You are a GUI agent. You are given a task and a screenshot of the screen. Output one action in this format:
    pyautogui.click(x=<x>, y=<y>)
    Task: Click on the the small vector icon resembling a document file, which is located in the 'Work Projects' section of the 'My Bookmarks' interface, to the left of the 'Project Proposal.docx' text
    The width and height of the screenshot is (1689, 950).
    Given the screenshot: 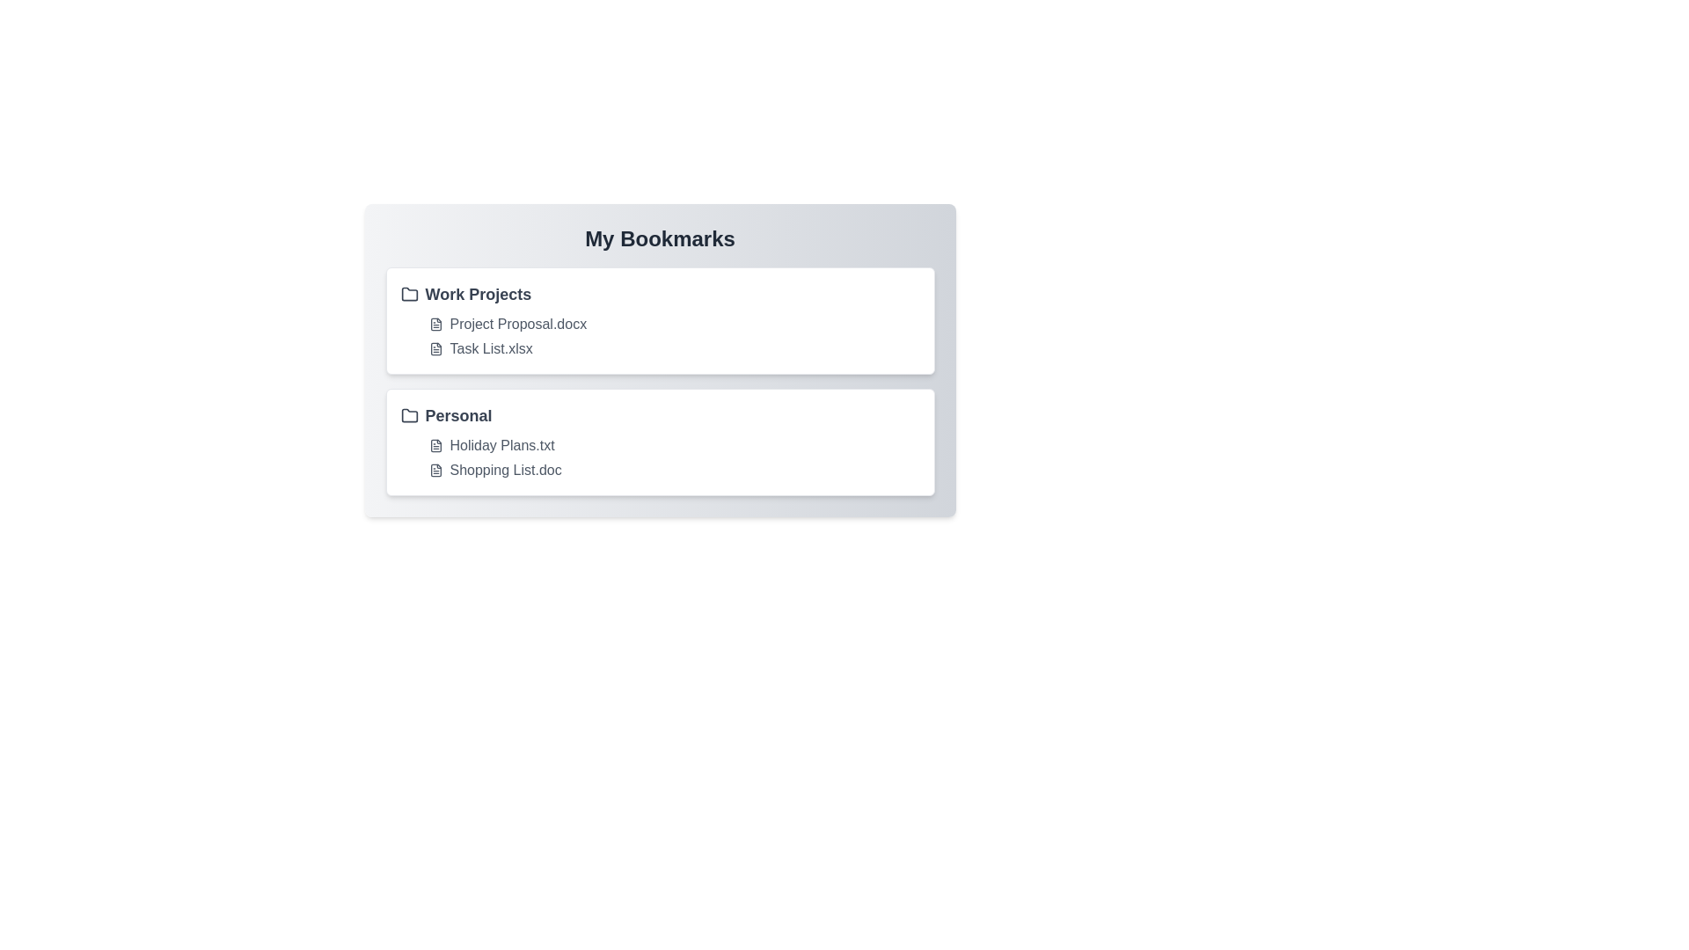 What is the action you would take?
    pyautogui.click(x=435, y=325)
    